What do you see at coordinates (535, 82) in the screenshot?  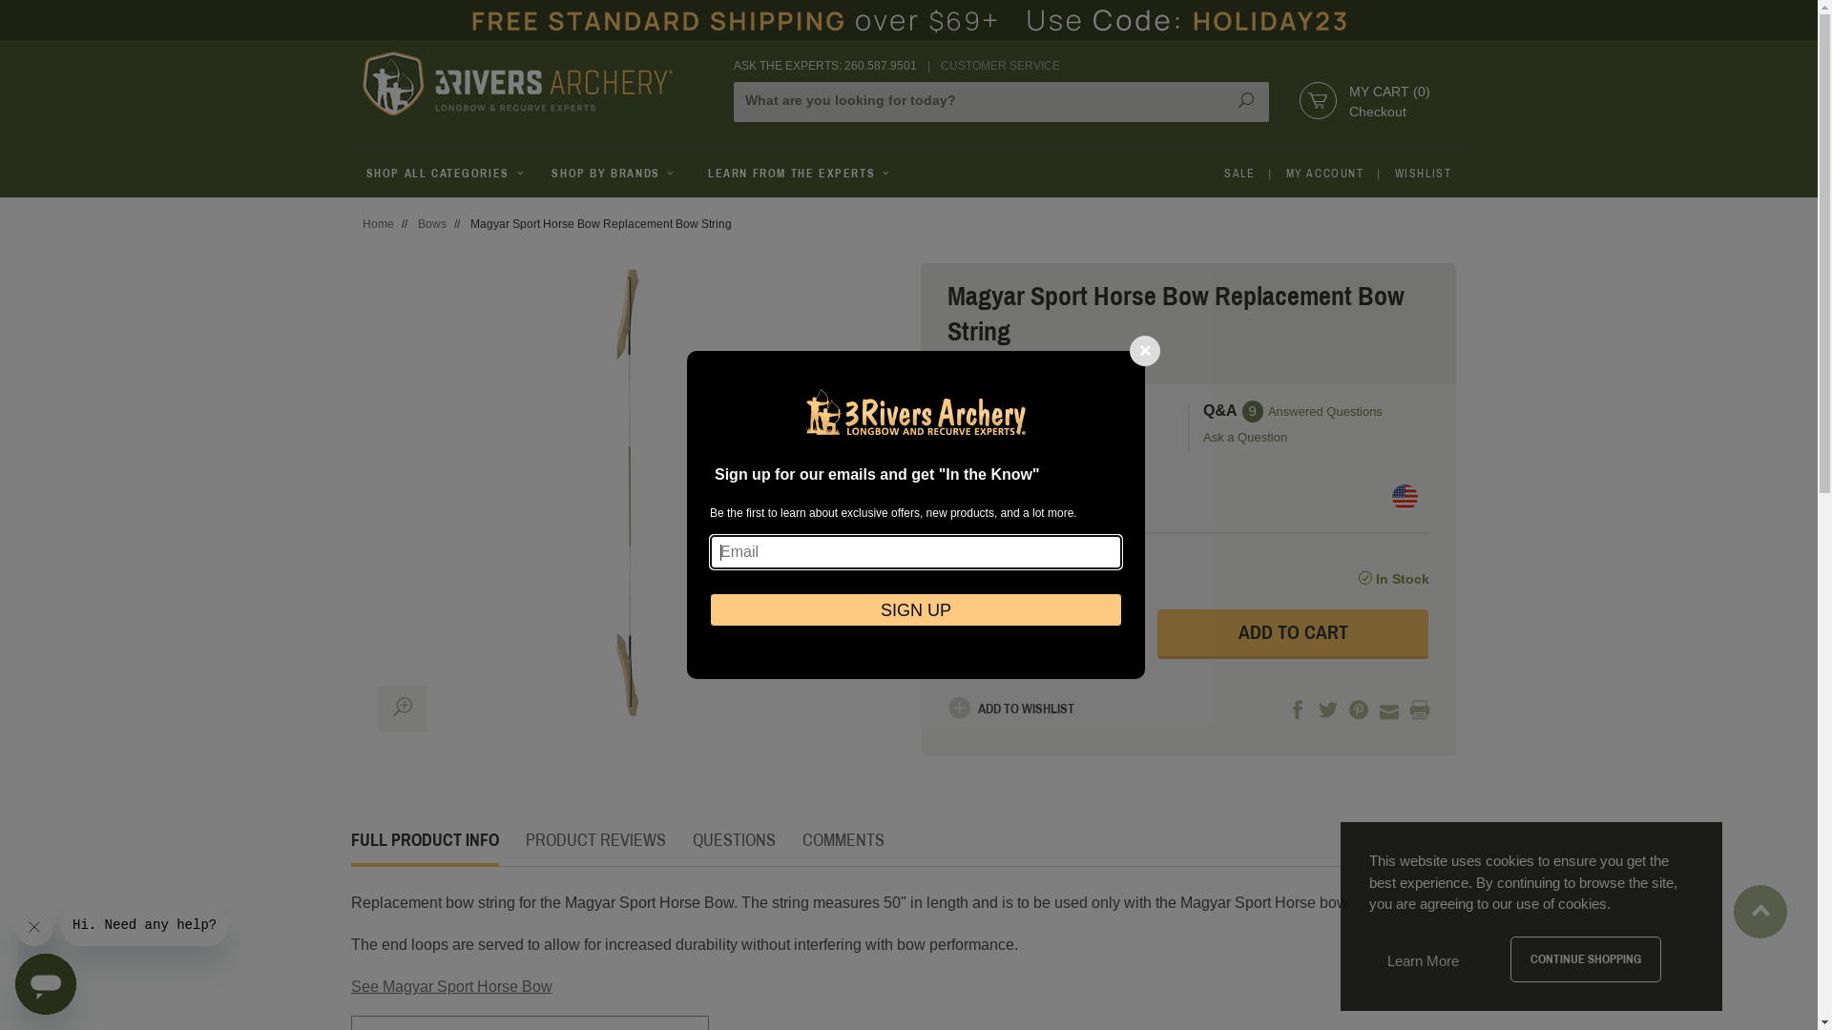 I see `'3Rivers Archery Supply'` at bounding box center [535, 82].